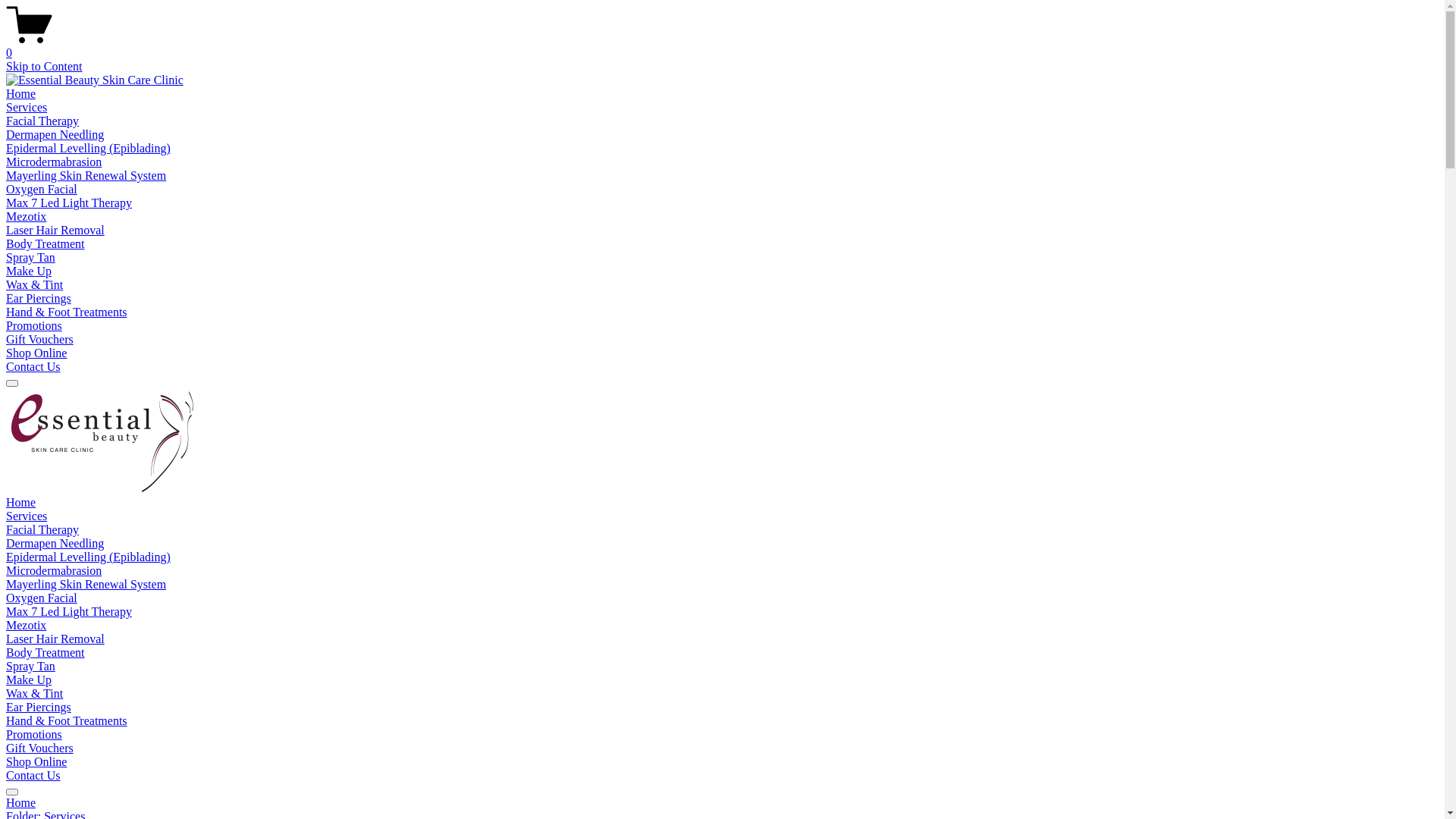  I want to click on '0', so click(721, 45).